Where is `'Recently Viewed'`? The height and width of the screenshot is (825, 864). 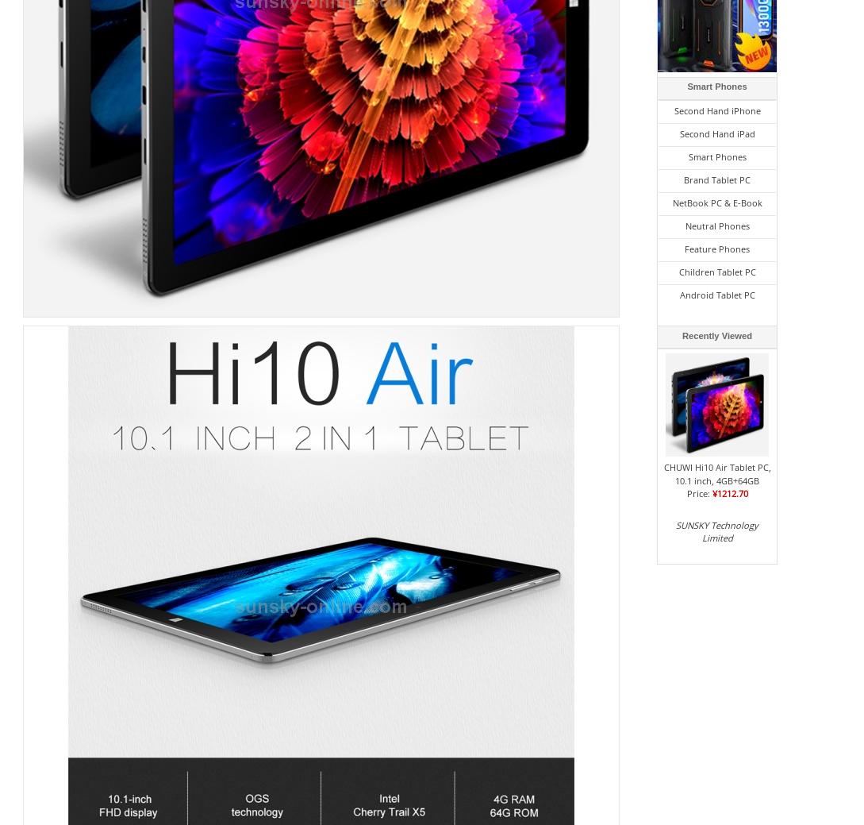 'Recently Viewed' is located at coordinates (682, 334).